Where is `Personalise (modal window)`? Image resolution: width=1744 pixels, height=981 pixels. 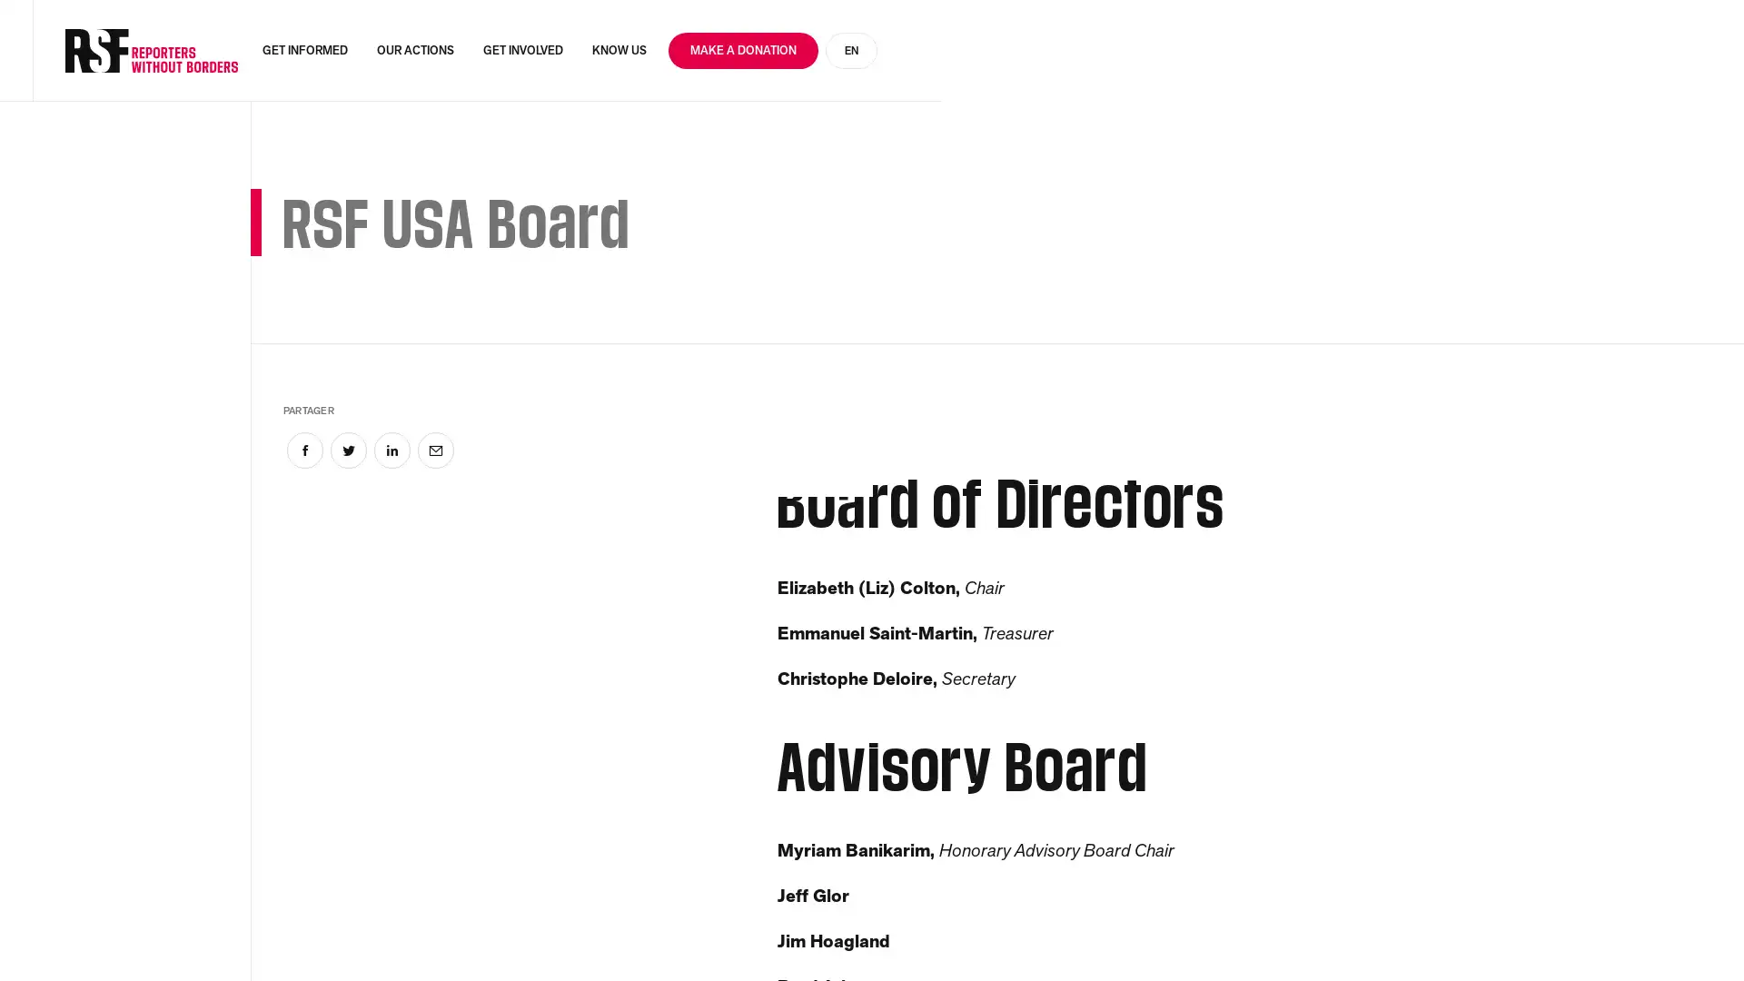 Personalise (modal window) is located at coordinates (1466, 934).